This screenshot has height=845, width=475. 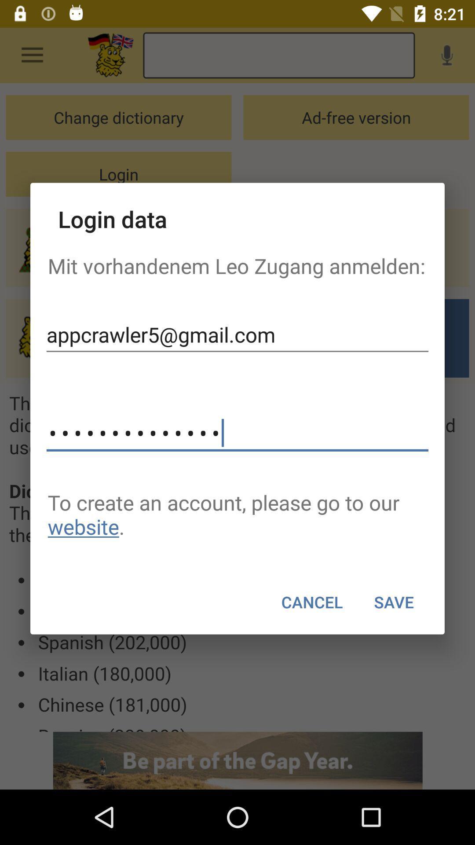 What do you see at coordinates (237, 514) in the screenshot?
I see `the item below the appcrawler3116 icon` at bounding box center [237, 514].